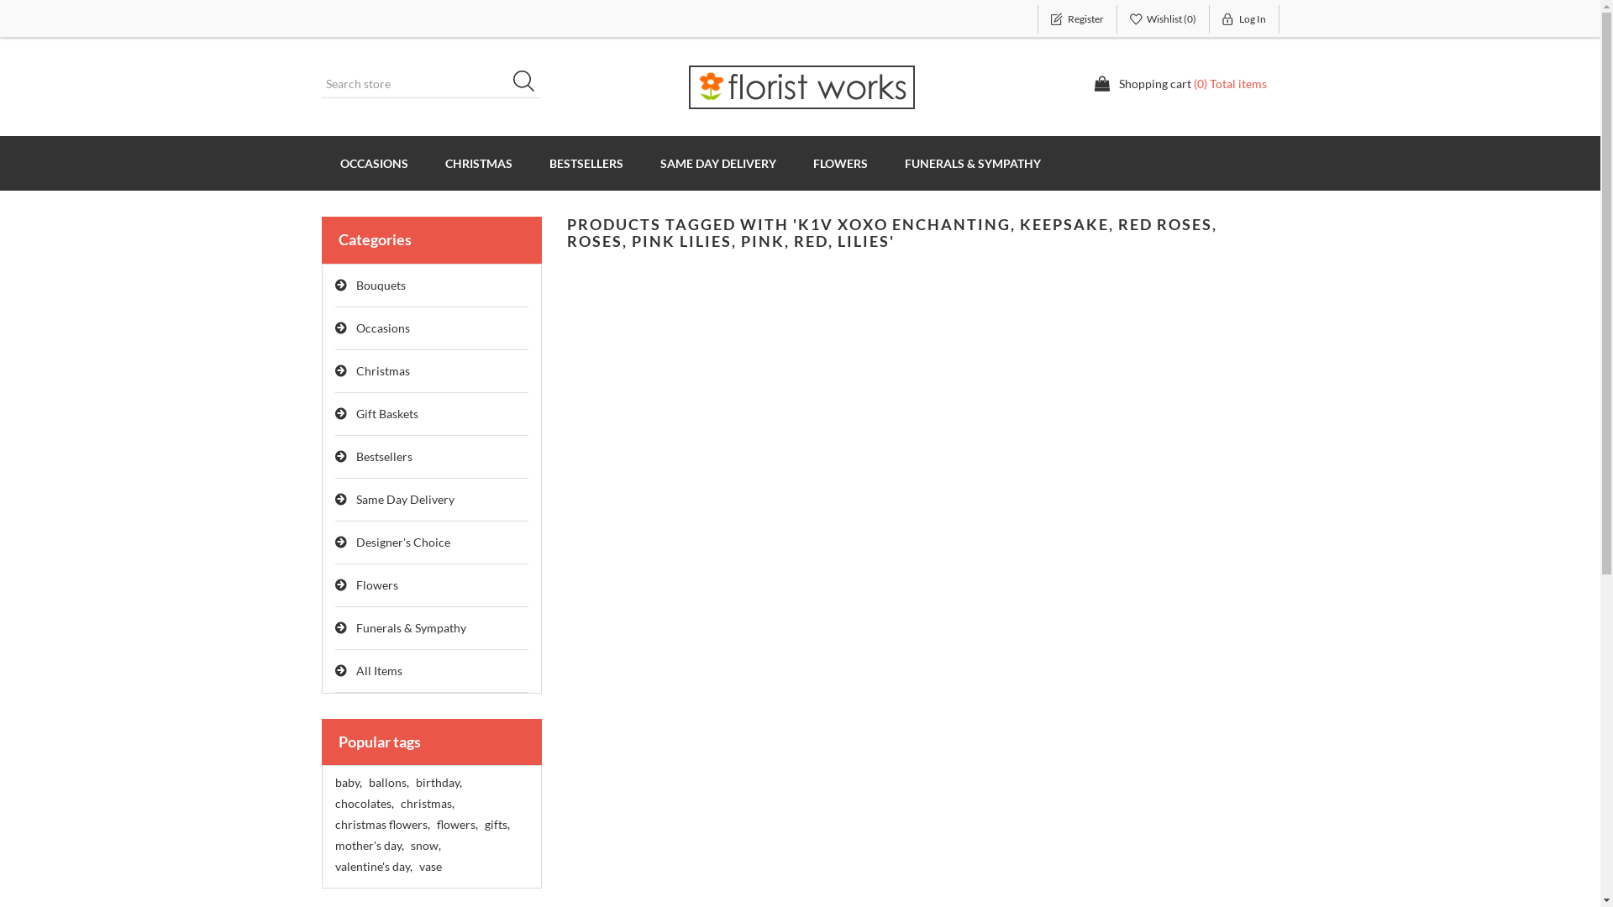 This screenshot has height=907, width=1613. Describe the element at coordinates (478, 163) in the screenshot. I see `'CHRISTMAS'` at that location.